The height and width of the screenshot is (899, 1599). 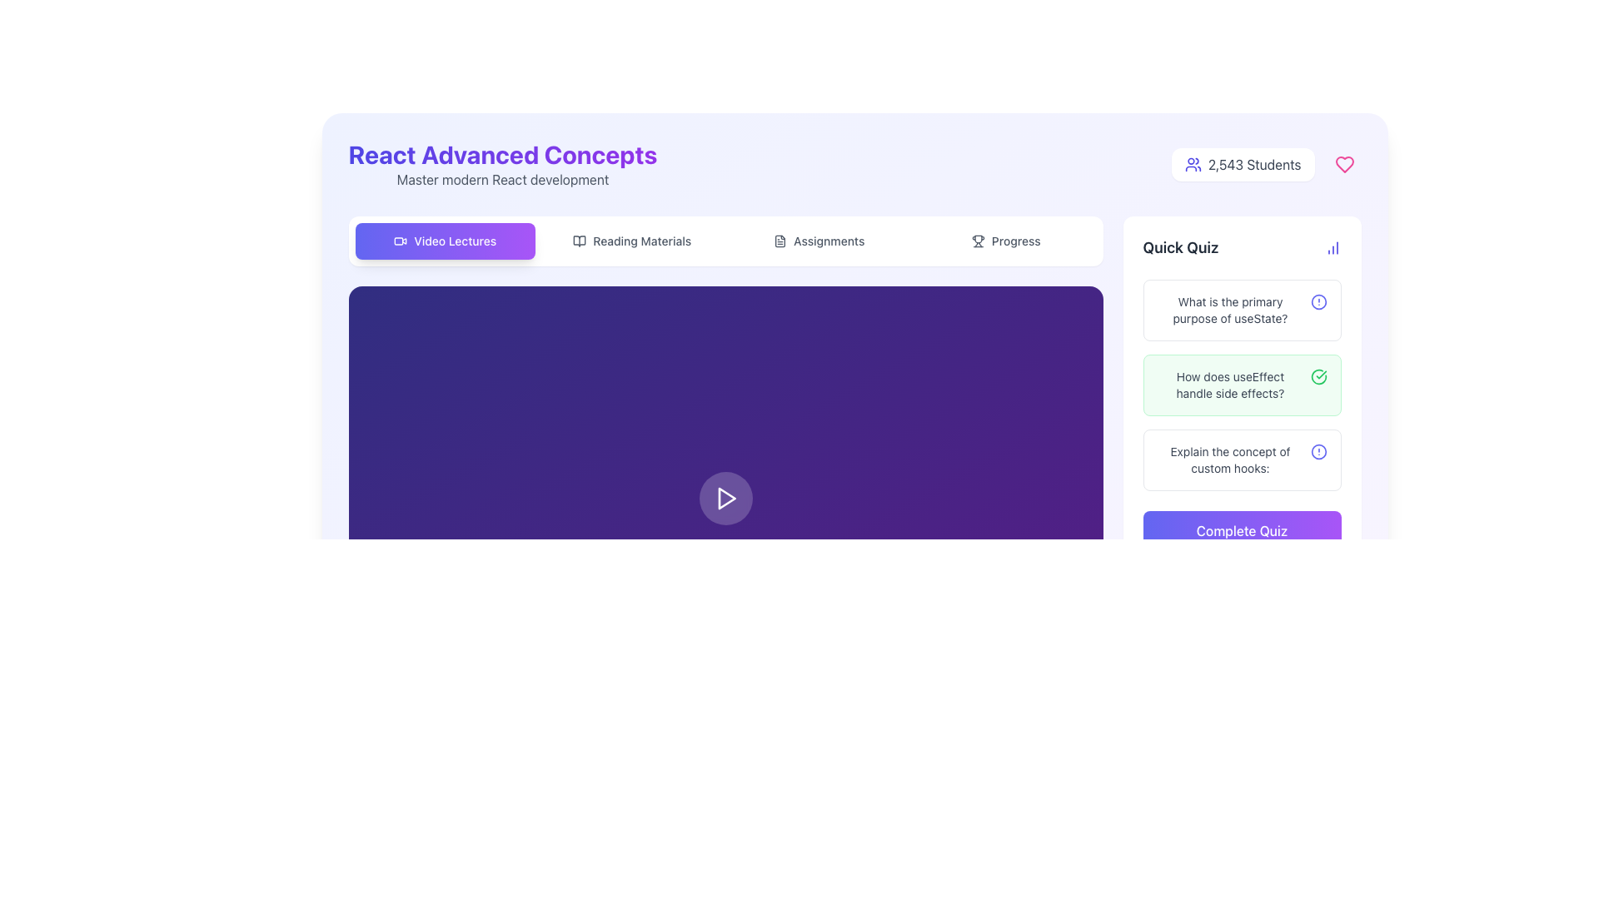 What do you see at coordinates (401, 241) in the screenshot?
I see `the camera icon that is part of the purple 'Video Lectures' button, located at the top-left area of the navigation bar` at bounding box center [401, 241].